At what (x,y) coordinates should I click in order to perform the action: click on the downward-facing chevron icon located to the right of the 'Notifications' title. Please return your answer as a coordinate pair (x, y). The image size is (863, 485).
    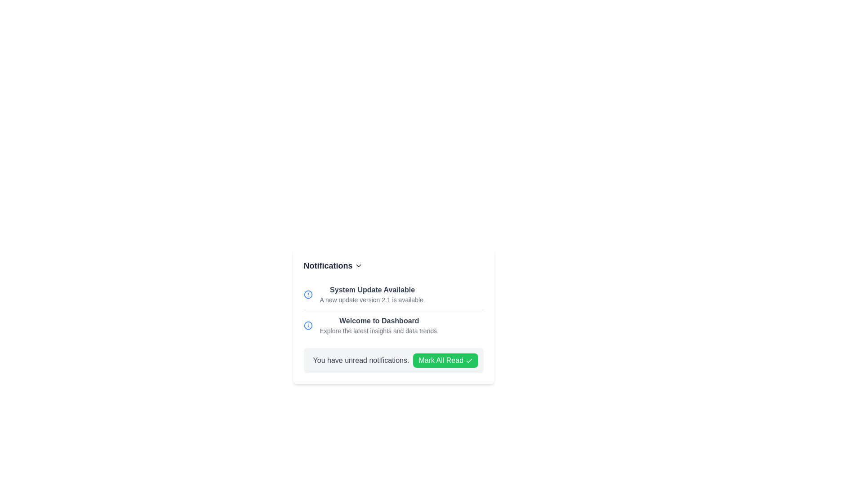
    Looking at the image, I should click on (358, 265).